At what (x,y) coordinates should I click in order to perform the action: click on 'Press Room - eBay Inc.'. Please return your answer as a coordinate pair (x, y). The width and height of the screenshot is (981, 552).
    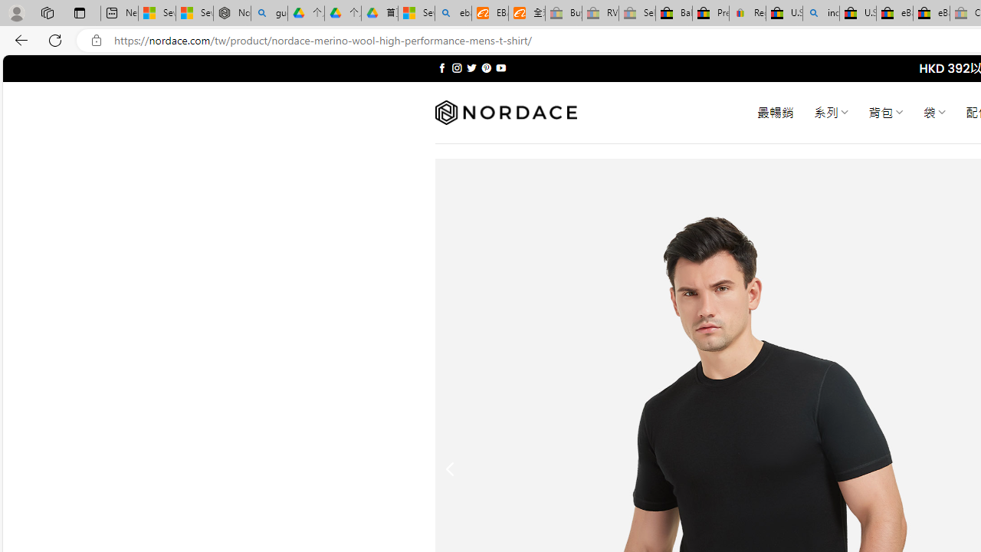
    Looking at the image, I should click on (710, 13).